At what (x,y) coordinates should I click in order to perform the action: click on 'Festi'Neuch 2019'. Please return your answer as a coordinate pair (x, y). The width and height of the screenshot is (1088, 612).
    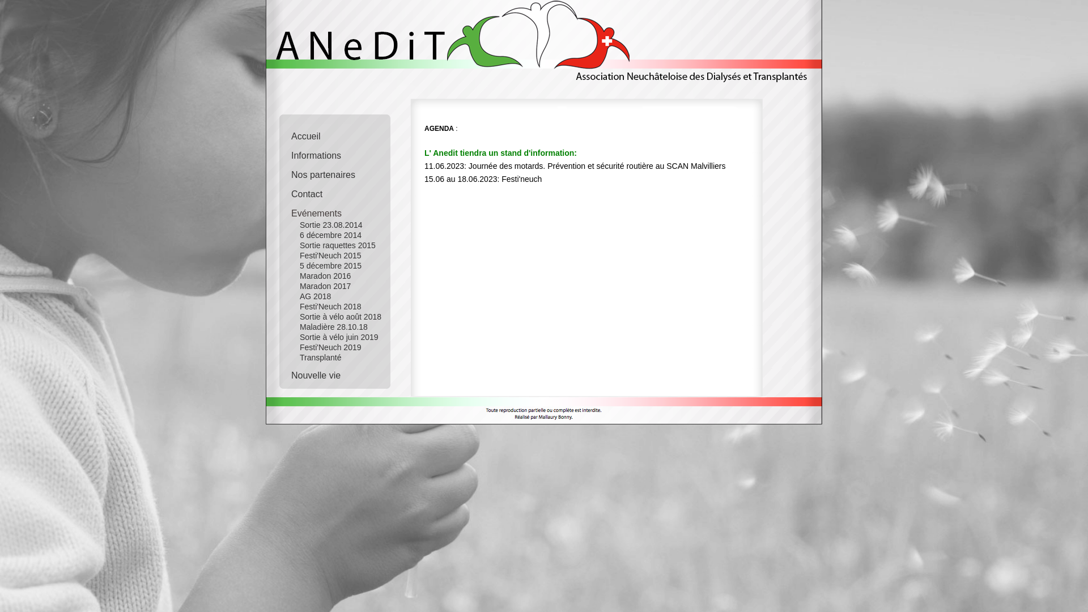
    Looking at the image, I should click on (283, 347).